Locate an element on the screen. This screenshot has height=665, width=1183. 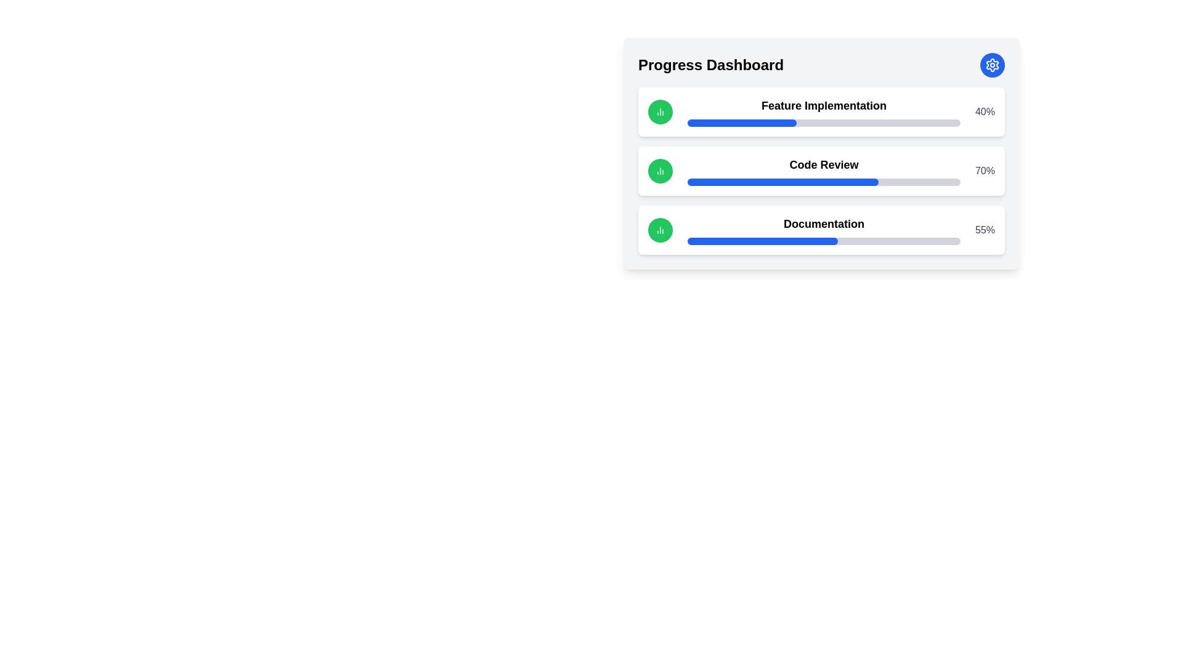
the progress bar element located below 'Feature Implementation' and to the left of the '40%' percentage value is located at coordinates (824, 123).